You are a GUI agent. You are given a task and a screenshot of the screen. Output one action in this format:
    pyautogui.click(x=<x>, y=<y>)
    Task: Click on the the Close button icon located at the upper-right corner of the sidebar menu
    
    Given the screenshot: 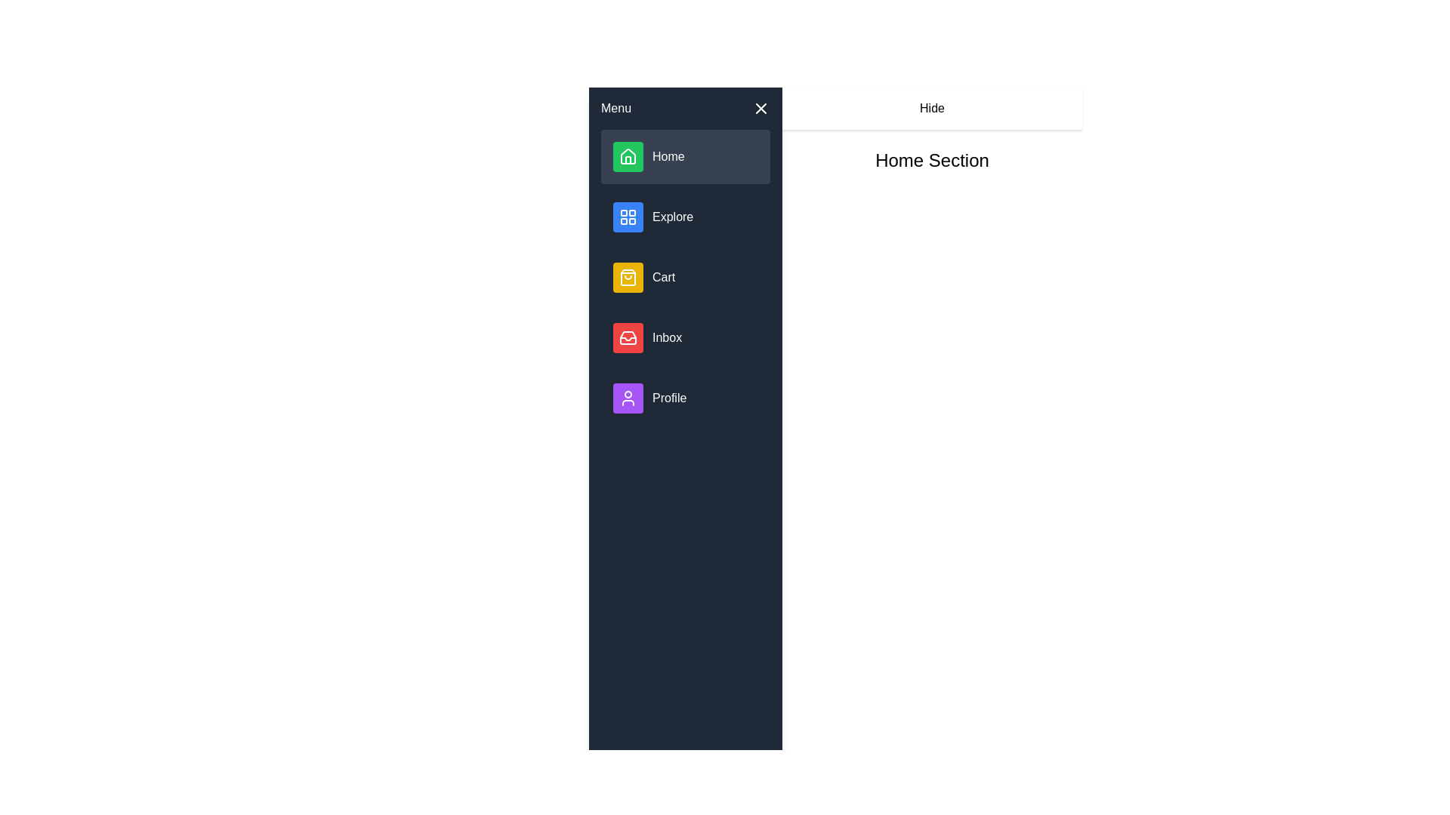 What is the action you would take?
    pyautogui.click(x=761, y=107)
    